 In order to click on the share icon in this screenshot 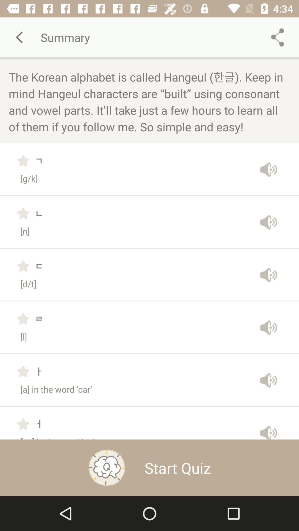, I will do `click(278, 37)`.